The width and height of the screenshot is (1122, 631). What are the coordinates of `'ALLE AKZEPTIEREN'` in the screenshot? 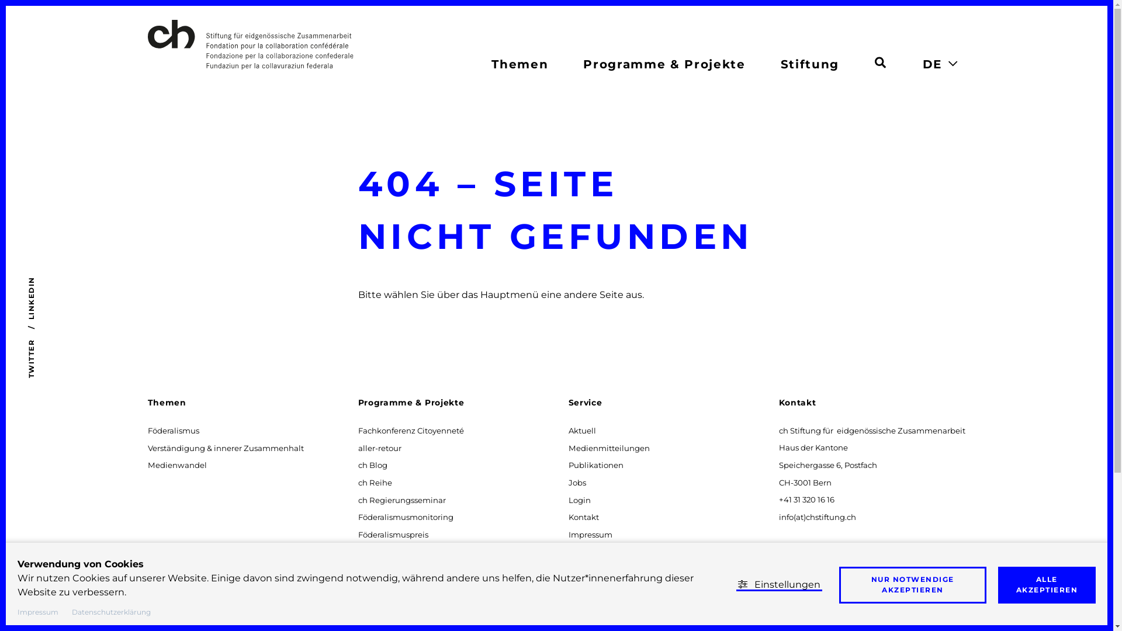 It's located at (1047, 585).